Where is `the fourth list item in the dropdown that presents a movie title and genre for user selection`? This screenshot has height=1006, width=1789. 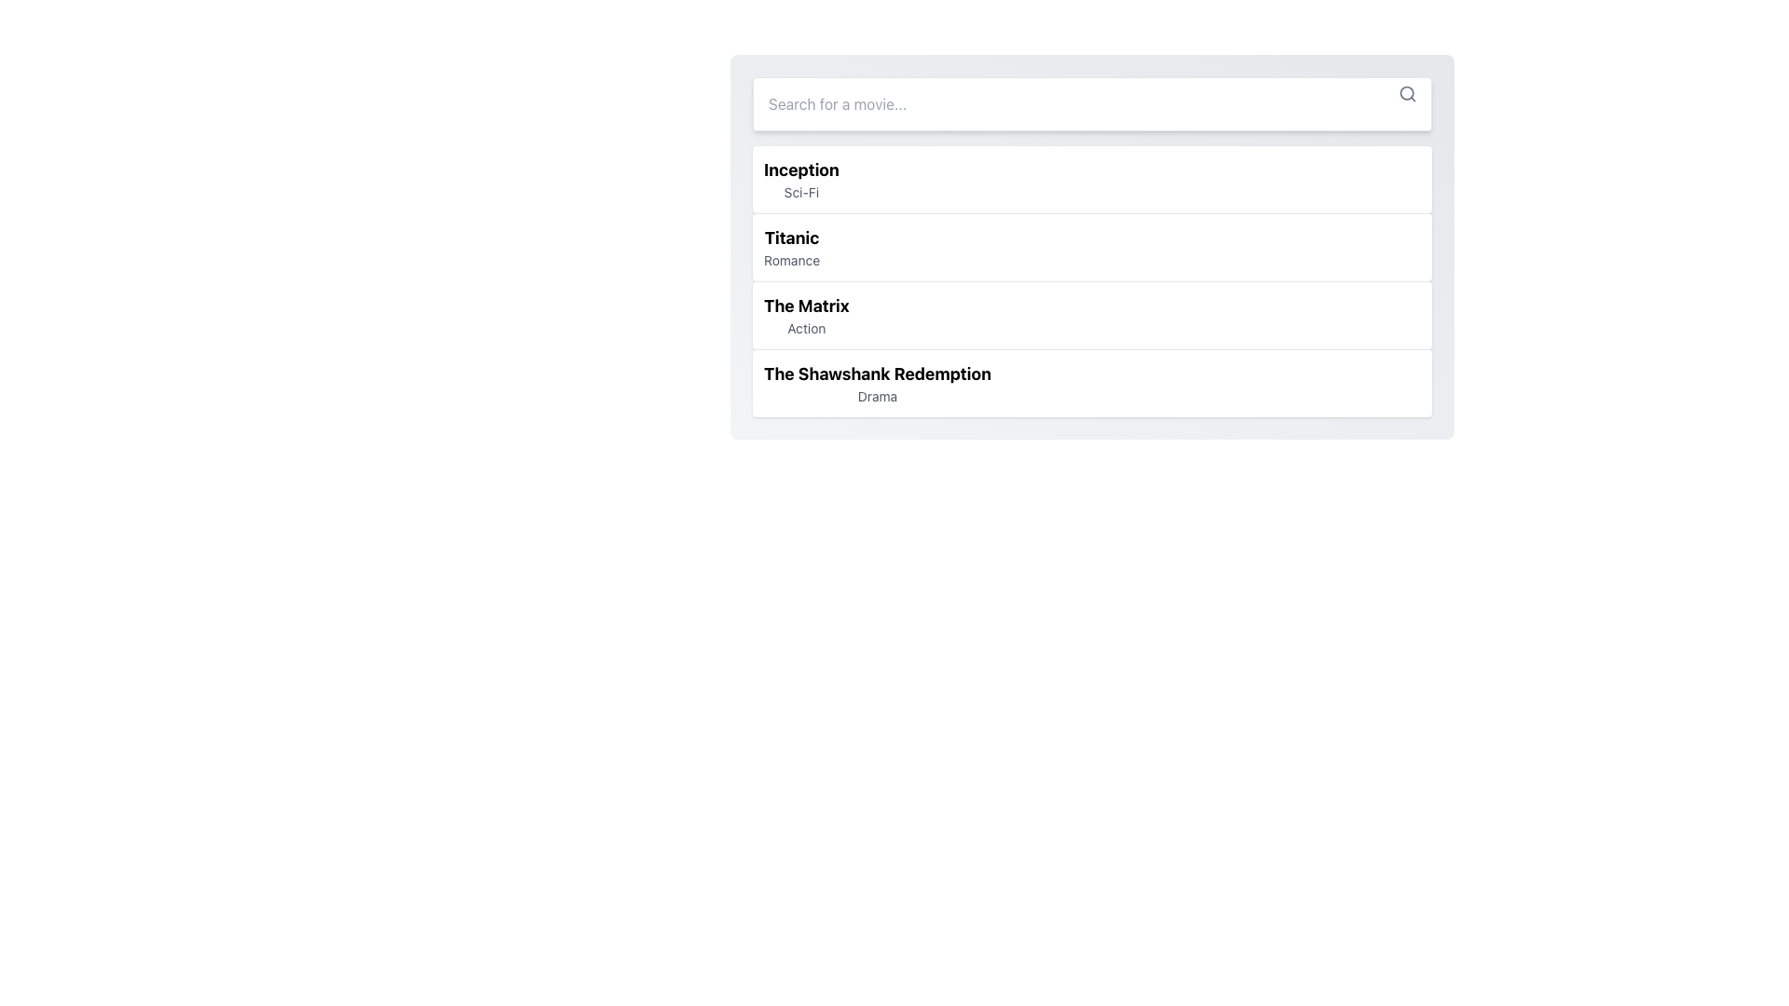 the fourth list item in the dropdown that presents a movie title and genre for user selection is located at coordinates (876, 383).